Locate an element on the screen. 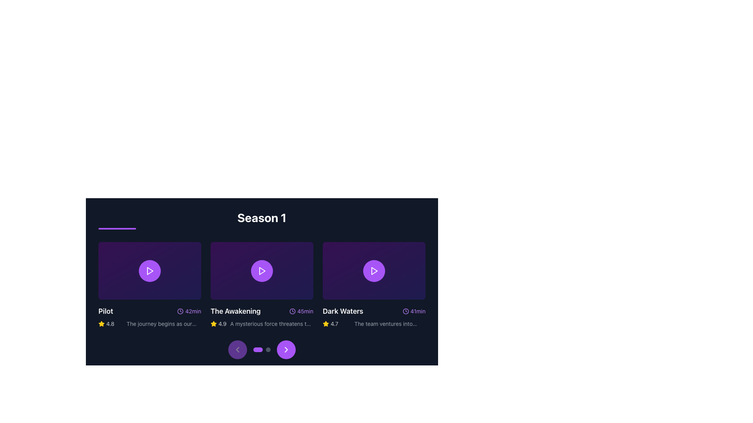  the duration label indicating '41 minutes' associated with the 'Dark Waters' entry, positioned to the right of a clock icon is located at coordinates (417, 311).